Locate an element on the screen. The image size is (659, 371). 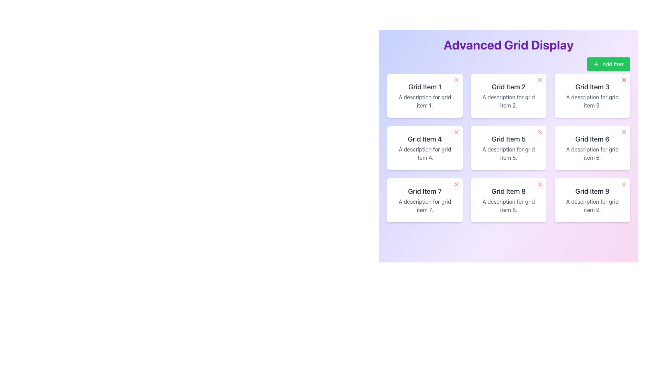
the text 'Grid Item 1' located in the first grid cell of a 3x3 grid layout is located at coordinates (425, 87).